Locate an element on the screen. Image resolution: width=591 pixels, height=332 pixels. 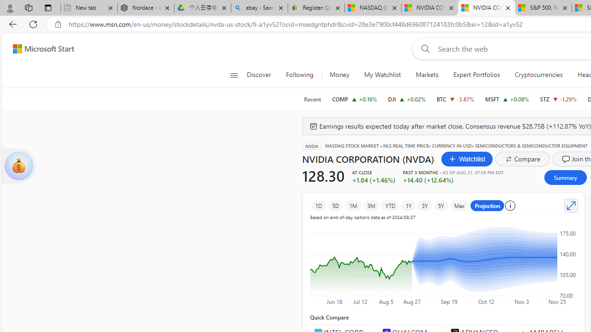
'Watchlist' is located at coordinates (467, 158).